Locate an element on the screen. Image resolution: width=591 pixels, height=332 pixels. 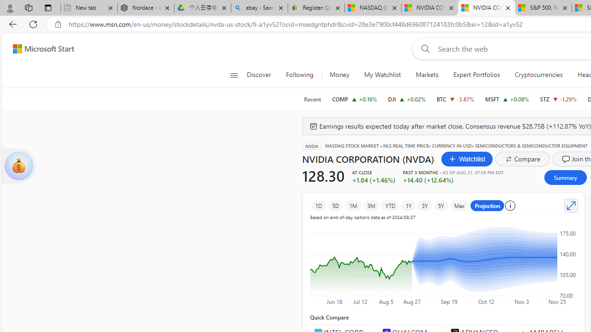
'Watchlist' is located at coordinates (467, 158).